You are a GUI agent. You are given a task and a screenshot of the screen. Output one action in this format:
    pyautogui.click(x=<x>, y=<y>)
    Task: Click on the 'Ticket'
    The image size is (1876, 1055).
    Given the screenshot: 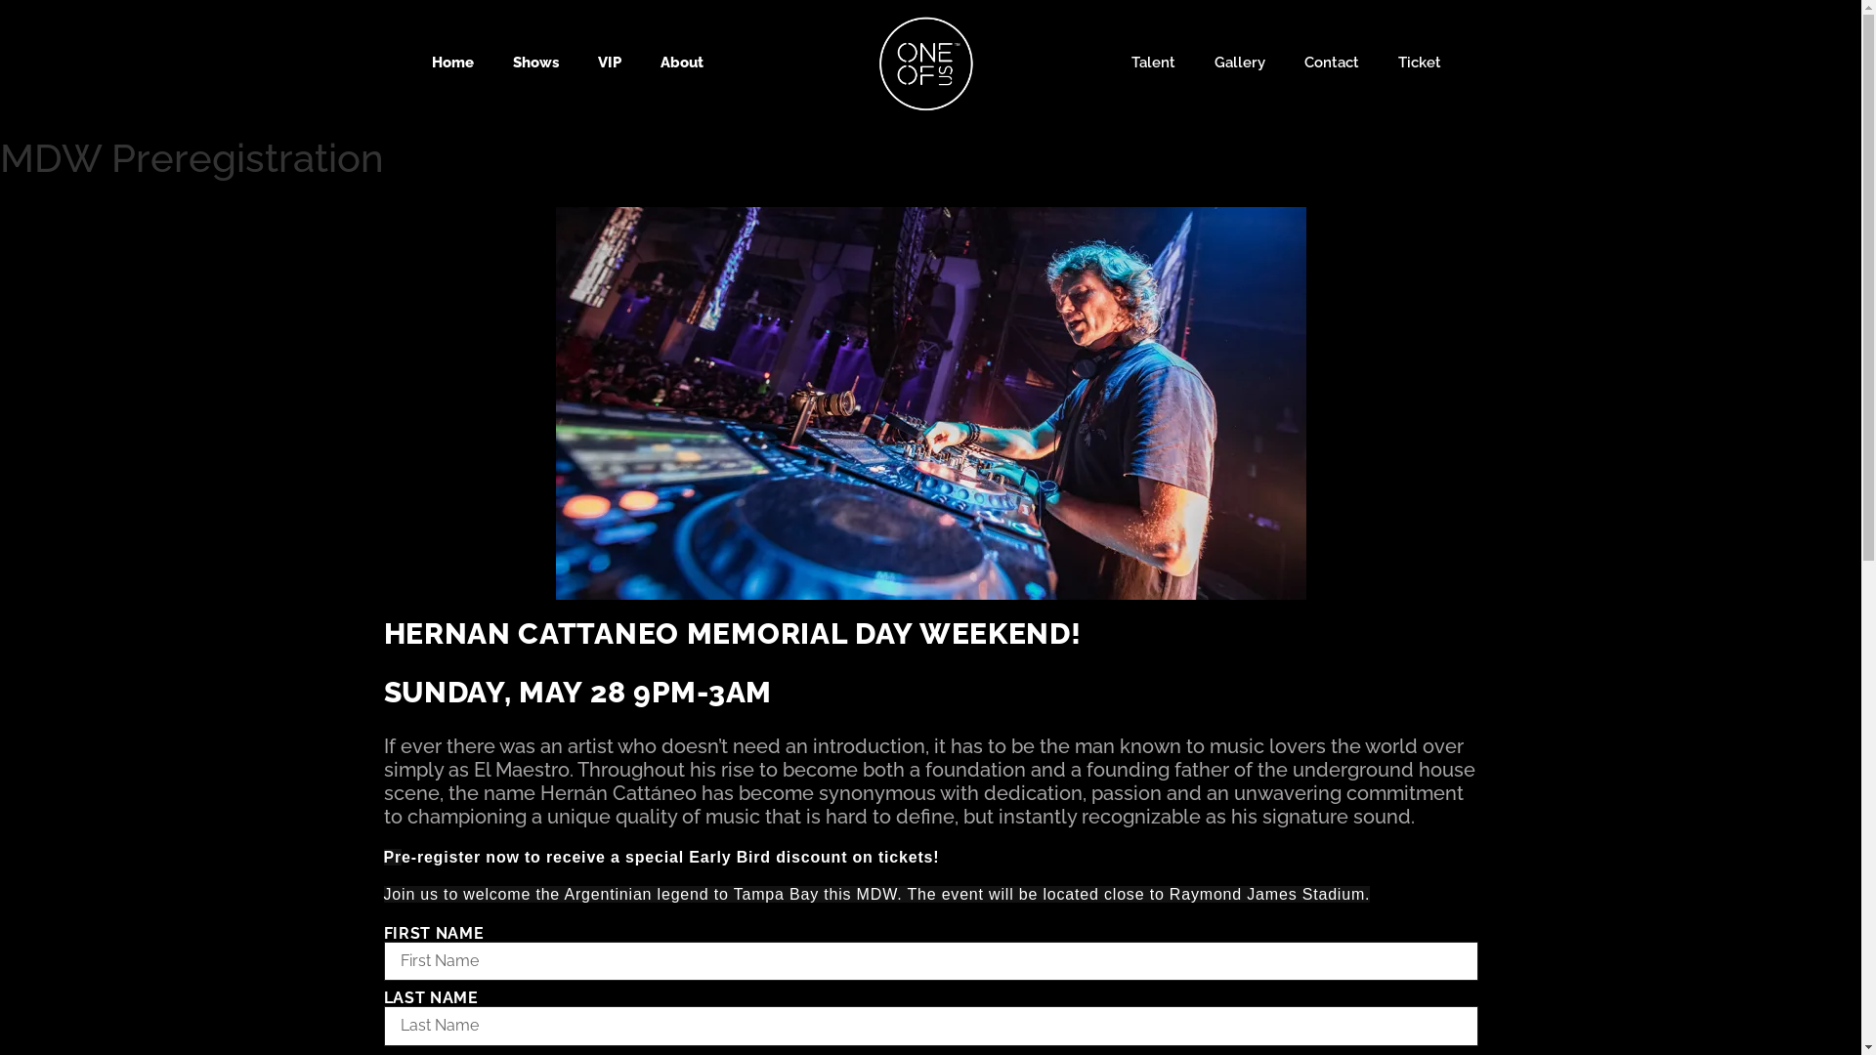 What is the action you would take?
    pyautogui.click(x=1420, y=62)
    